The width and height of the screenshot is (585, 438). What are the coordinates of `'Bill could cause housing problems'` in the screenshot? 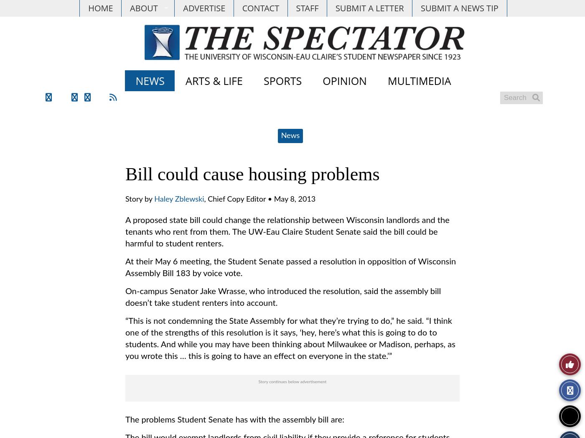 It's located at (252, 174).